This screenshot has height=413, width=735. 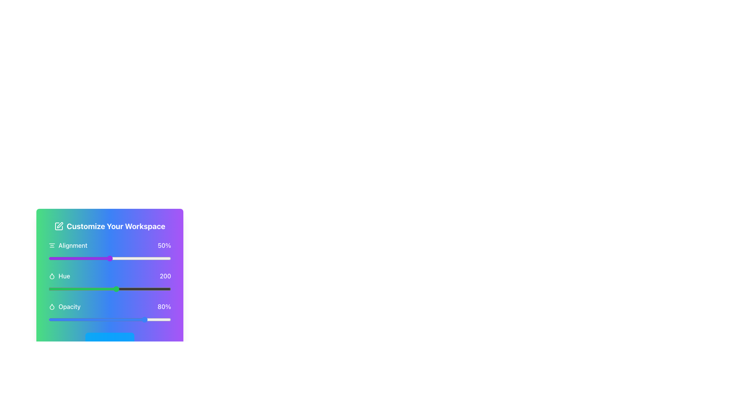 I want to click on the range slider located below the 'Alignment' label and next to the '50%' indicator, so click(x=109, y=258).